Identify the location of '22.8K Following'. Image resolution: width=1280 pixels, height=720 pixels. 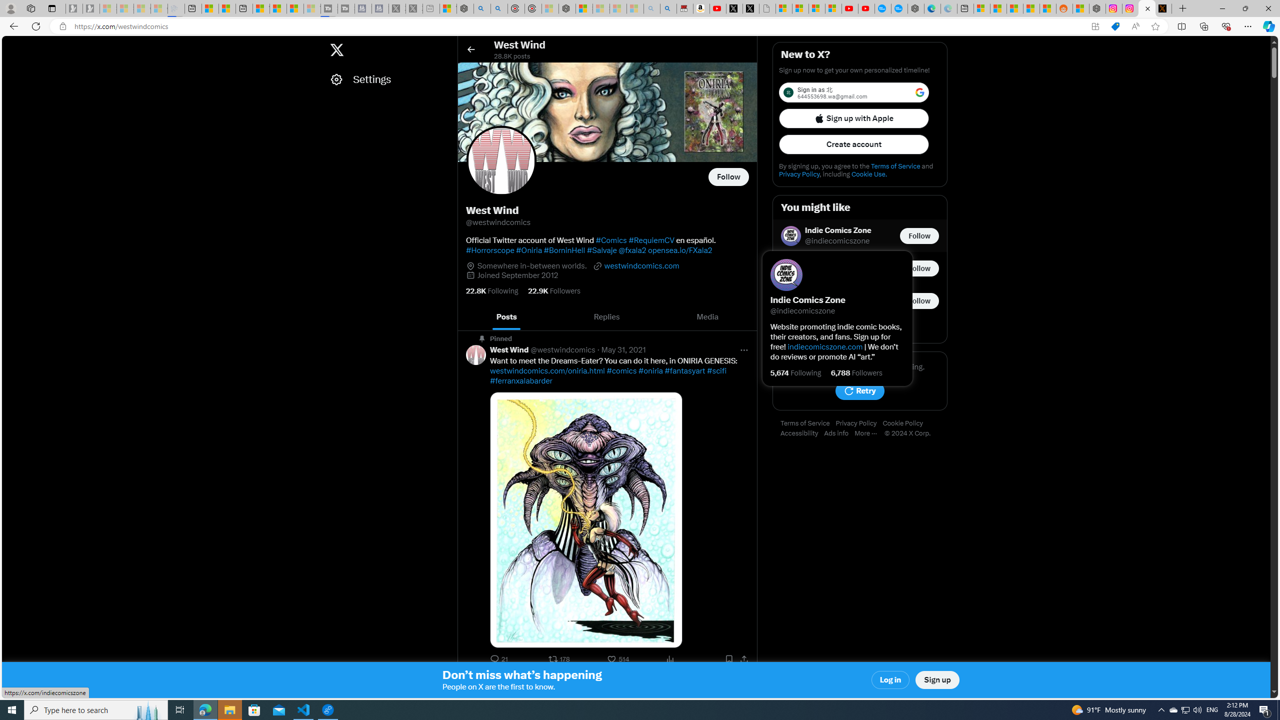
(491, 291).